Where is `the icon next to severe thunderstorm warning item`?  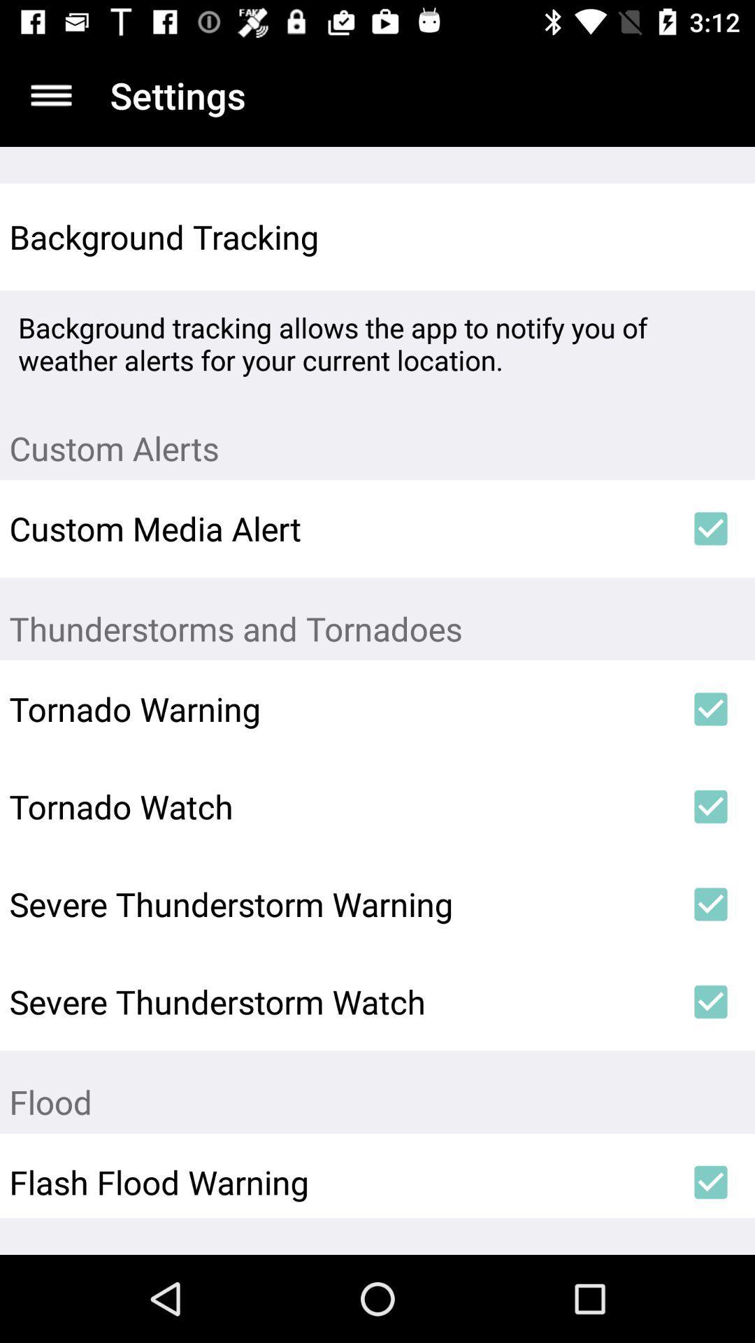 the icon next to severe thunderstorm warning item is located at coordinates (711, 904).